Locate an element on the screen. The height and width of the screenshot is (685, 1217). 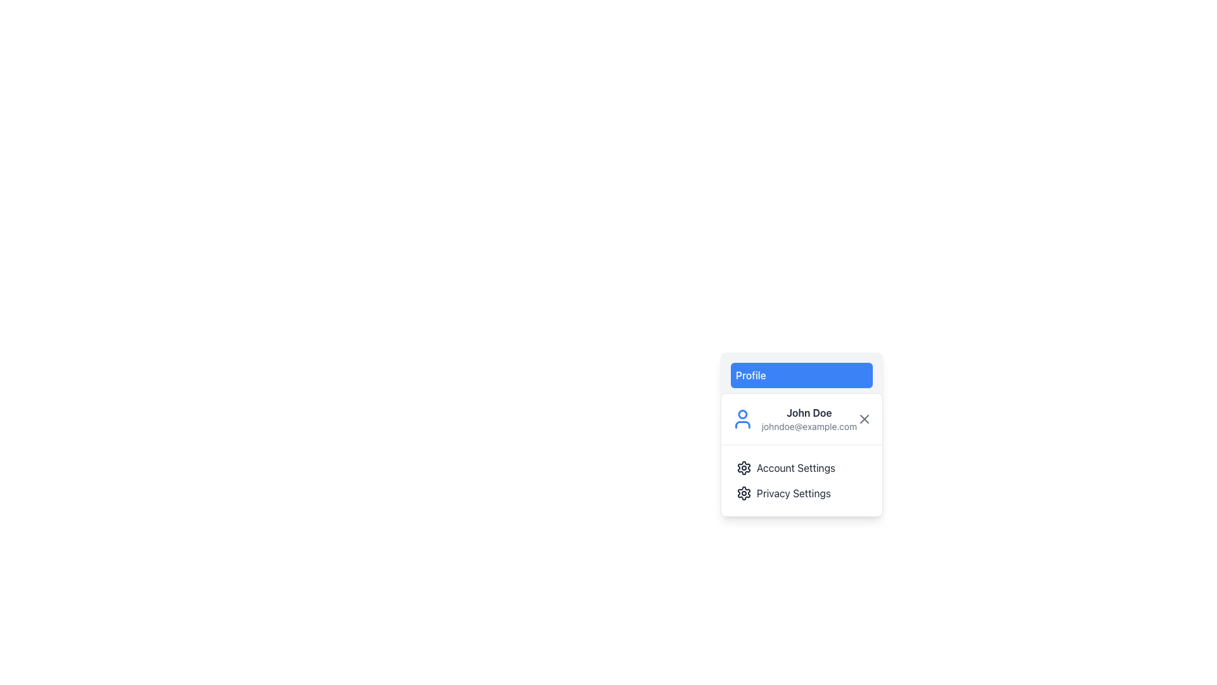
displayed text from the user profile identifier located in the dropdown menu at the top-right of the interface, which shows the name and email address of the logged-in user is located at coordinates (808, 419).